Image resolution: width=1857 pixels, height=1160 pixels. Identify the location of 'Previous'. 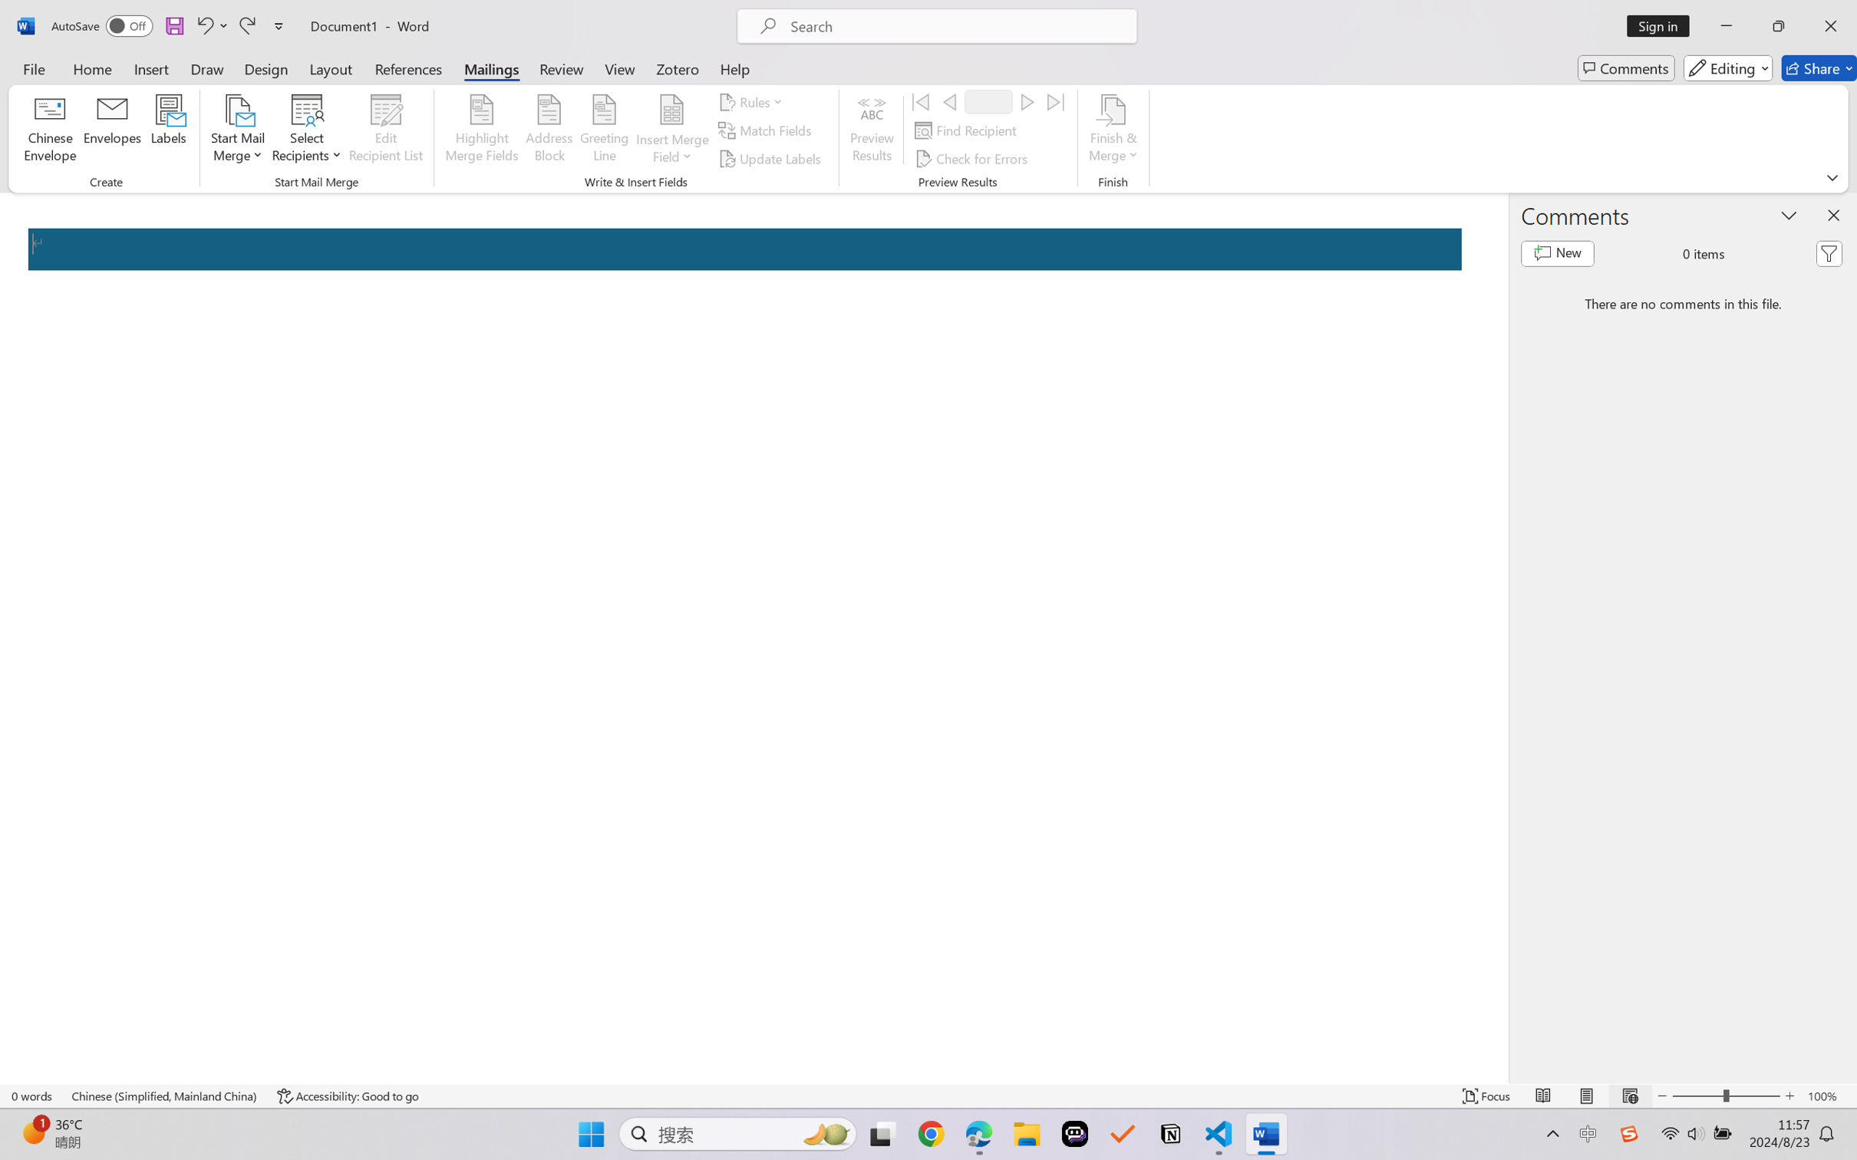
(948, 101).